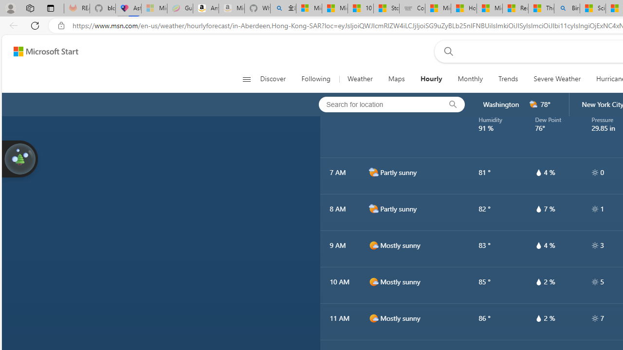 This screenshot has height=350, width=623. Describe the element at coordinates (557, 79) in the screenshot. I see `'Severe Weather'` at that location.